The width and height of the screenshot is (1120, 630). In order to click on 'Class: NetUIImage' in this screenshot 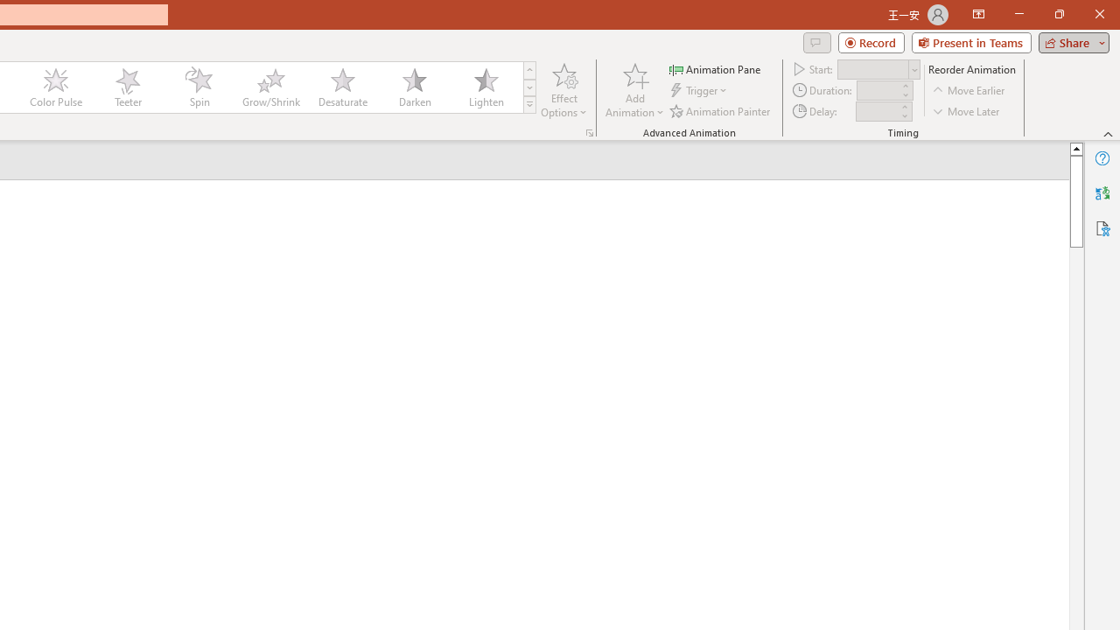, I will do `click(529, 104)`.